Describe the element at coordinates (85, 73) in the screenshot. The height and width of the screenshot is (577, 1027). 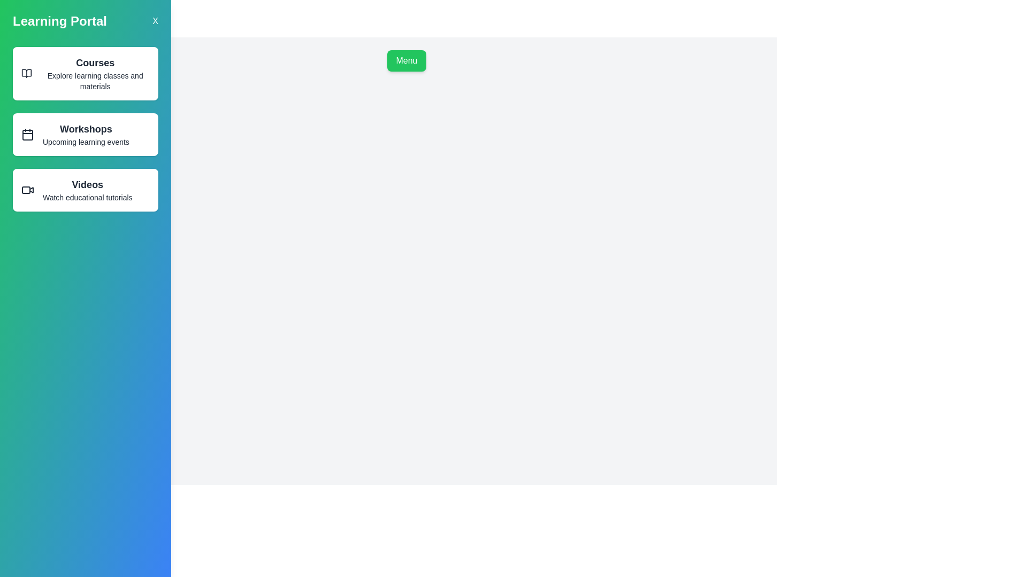
I see `the Courses panel option from the LearningPortalDrawer` at that location.